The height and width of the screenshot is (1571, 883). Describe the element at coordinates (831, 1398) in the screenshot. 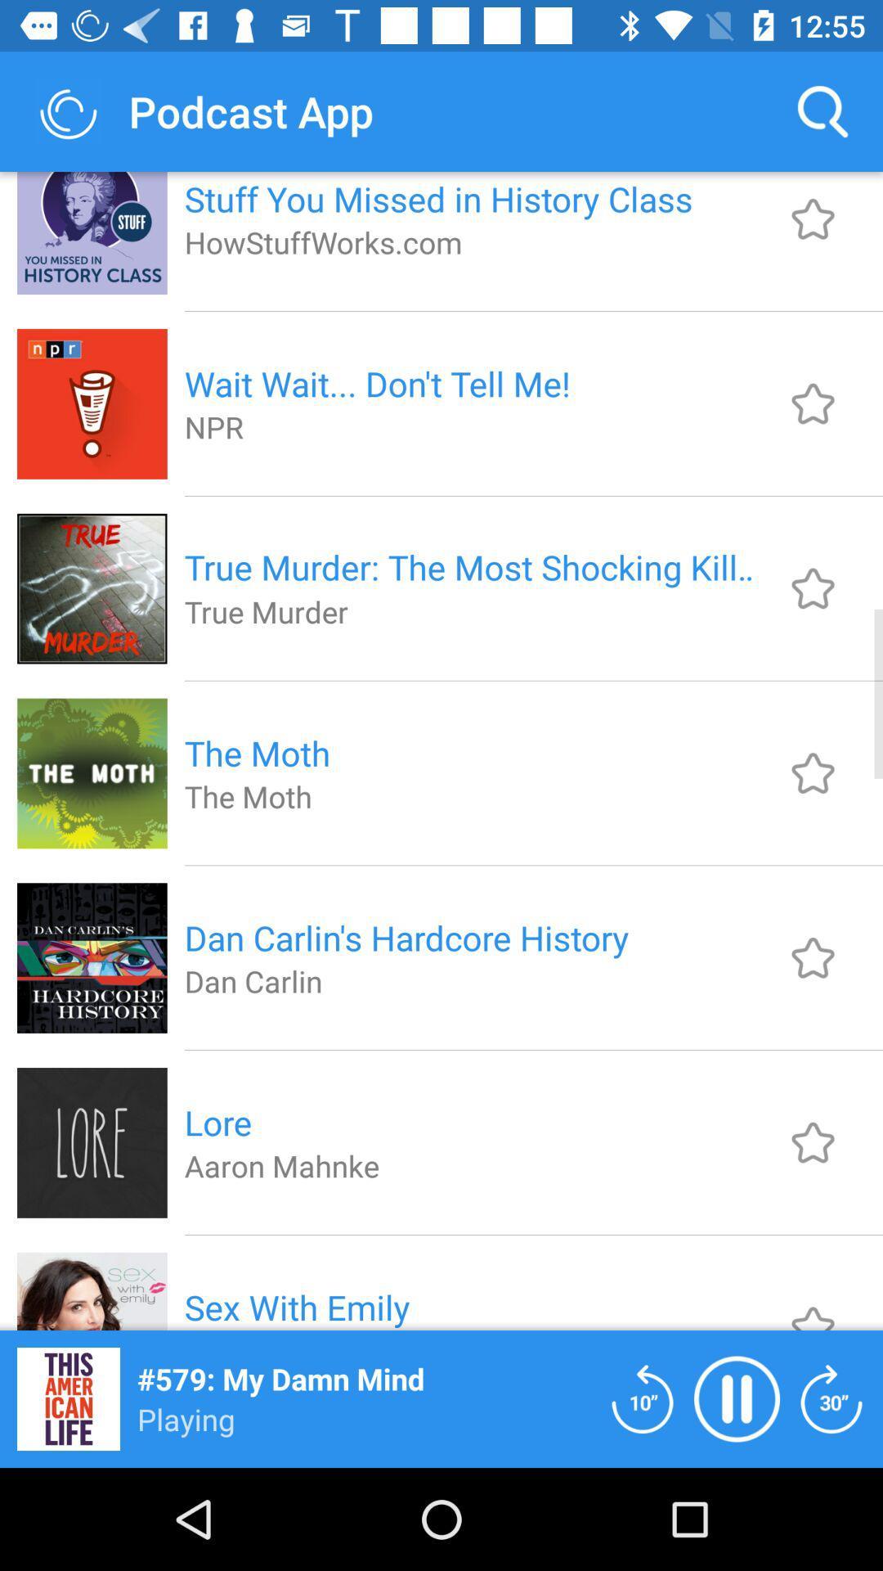

I see `rewind back 30 seconds` at that location.